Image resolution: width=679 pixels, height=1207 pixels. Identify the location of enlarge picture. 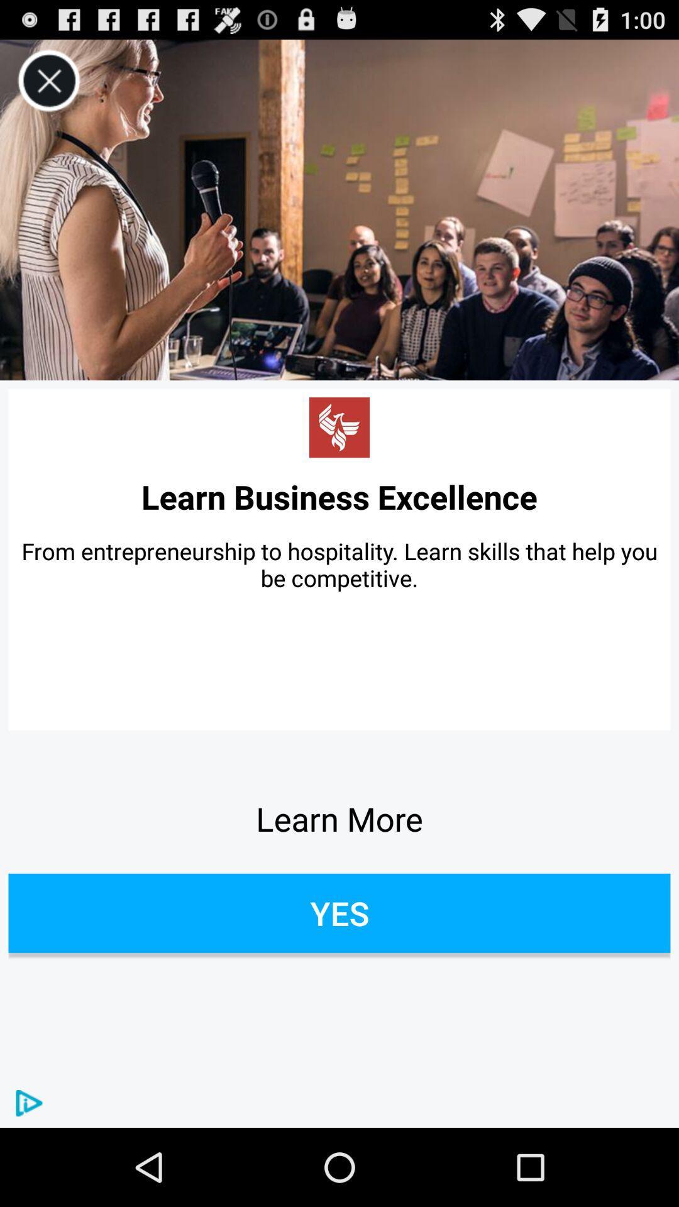
(339, 210).